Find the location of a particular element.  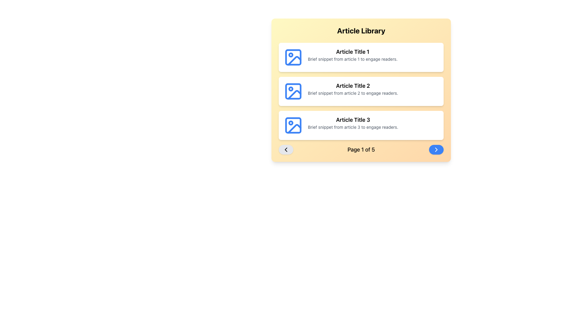

the second article preview in the list, which displays a title and brief description is located at coordinates (353, 89).